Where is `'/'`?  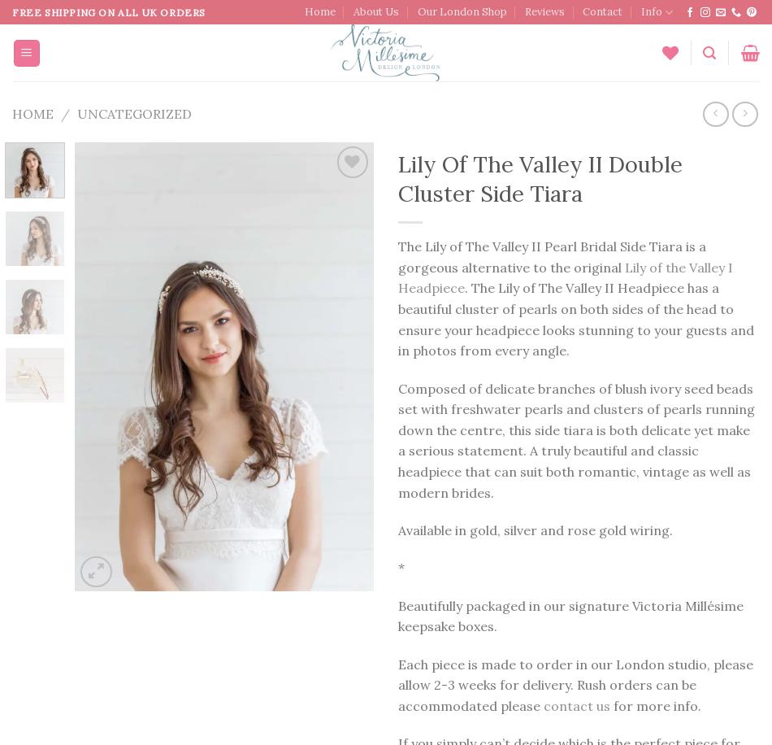
'/' is located at coordinates (64, 112).